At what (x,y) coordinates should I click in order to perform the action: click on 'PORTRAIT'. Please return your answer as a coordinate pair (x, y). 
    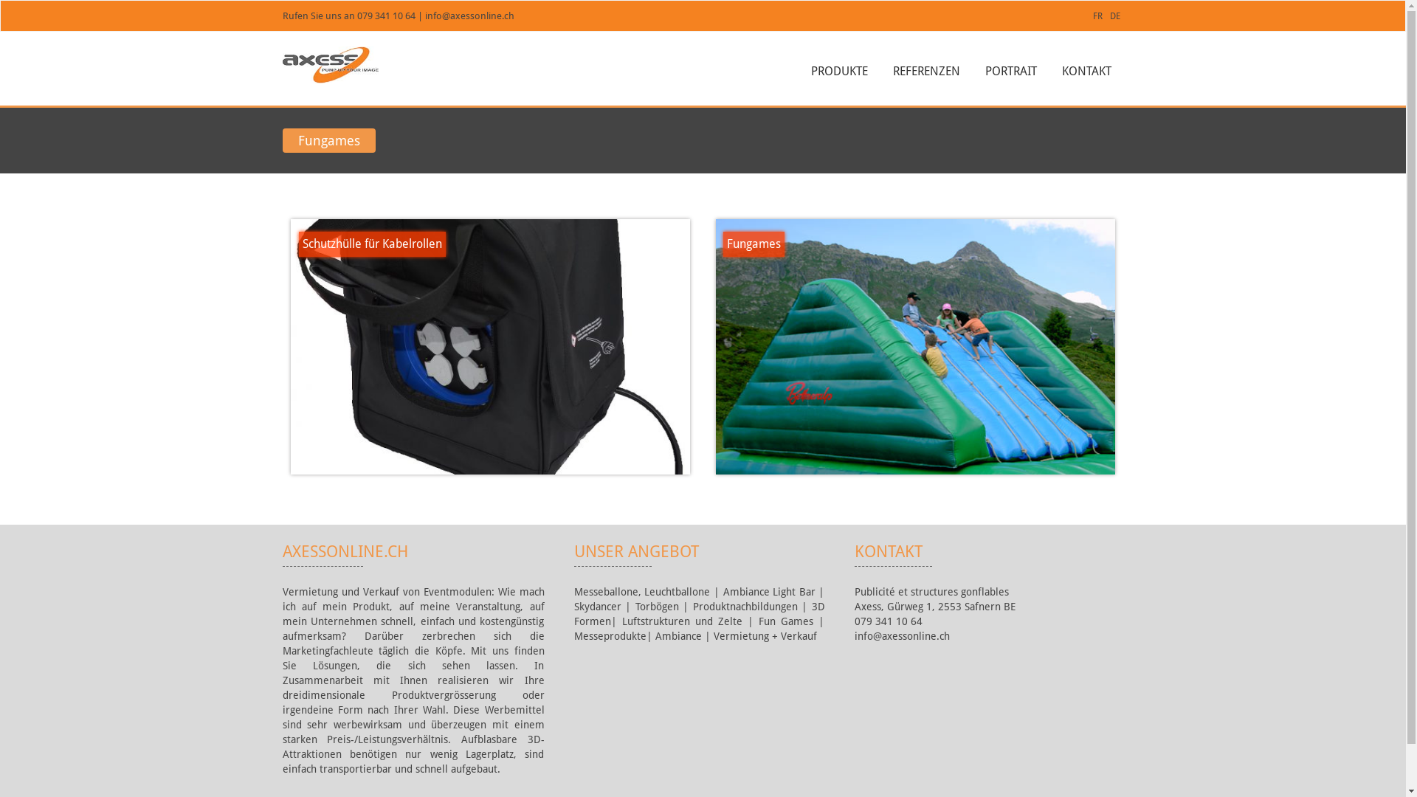
    Looking at the image, I should click on (1009, 71).